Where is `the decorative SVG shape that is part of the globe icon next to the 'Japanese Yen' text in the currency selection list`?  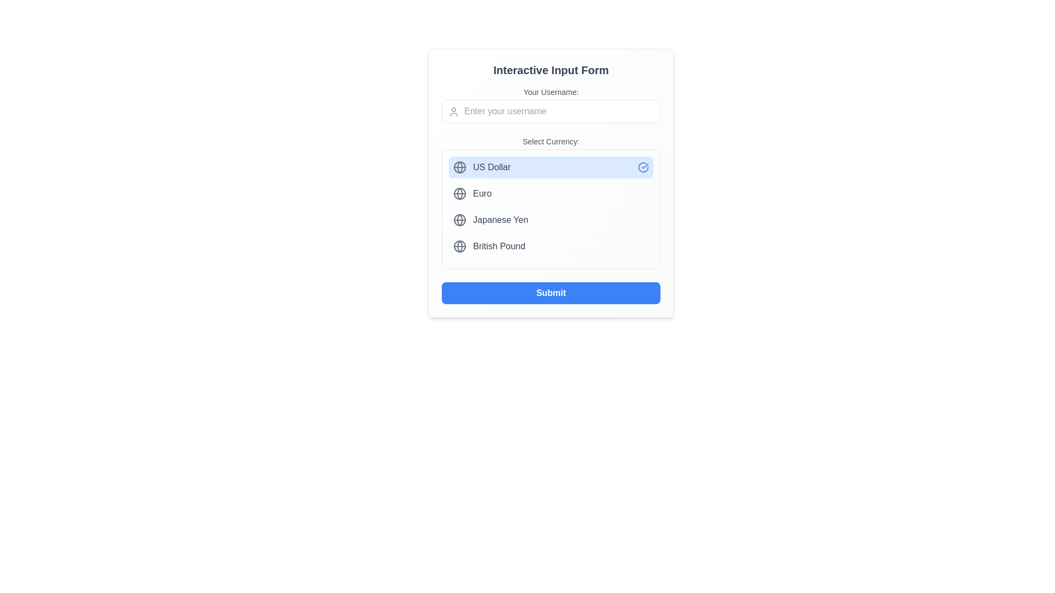 the decorative SVG shape that is part of the globe icon next to the 'Japanese Yen' text in the currency selection list is located at coordinates (459, 220).